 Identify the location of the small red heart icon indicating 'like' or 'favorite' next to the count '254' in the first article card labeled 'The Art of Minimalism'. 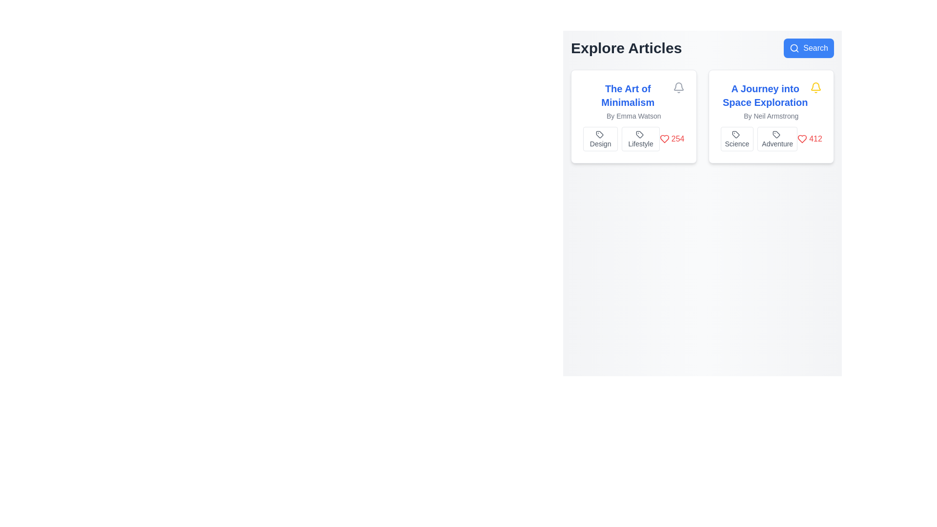
(664, 139).